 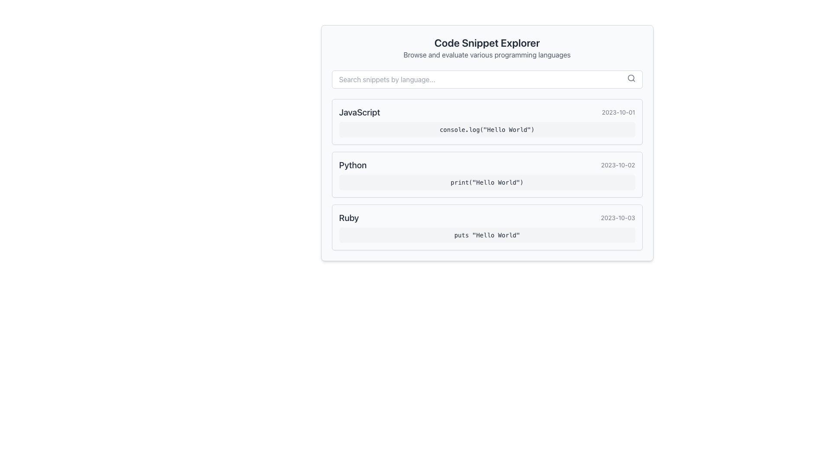 What do you see at coordinates (487, 175) in the screenshot?
I see `the Code Snippet Display Block that shows the Python programming snippet 'print("Hello World")', located between the 'JavaScript' and 'Ruby' snippets in a vertically stacked list` at bounding box center [487, 175].